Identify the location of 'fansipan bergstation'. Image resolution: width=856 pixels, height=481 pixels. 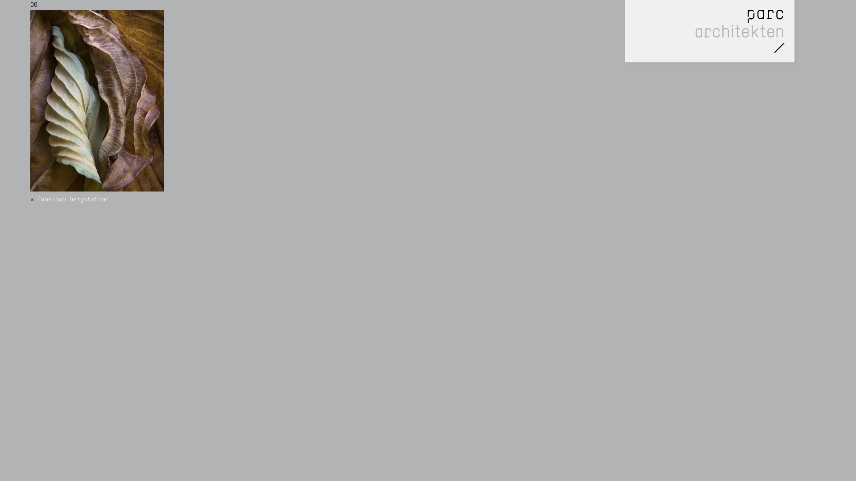
(73, 199).